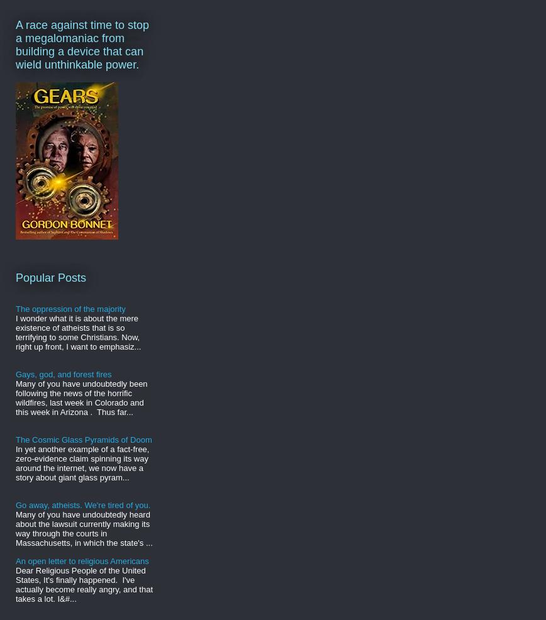 This screenshot has width=546, height=620. What do you see at coordinates (81, 397) in the screenshot?
I see `'Many of you have undoubtedly been following the news of the horrific wildfires, last week in Colorado  and this week in Arizona .   Thus far...'` at bounding box center [81, 397].